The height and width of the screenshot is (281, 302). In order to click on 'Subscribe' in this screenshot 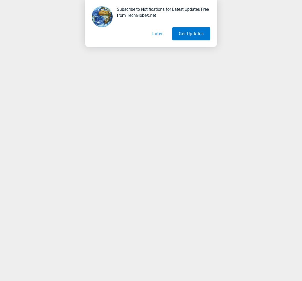, I will do `click(252, 277)`.